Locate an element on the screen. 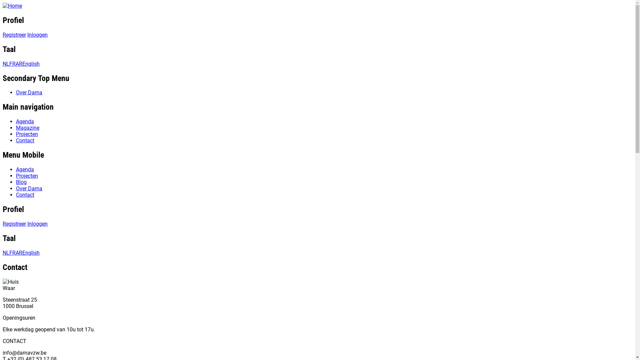  'Over Darna' is located at coordinates (16, 188).